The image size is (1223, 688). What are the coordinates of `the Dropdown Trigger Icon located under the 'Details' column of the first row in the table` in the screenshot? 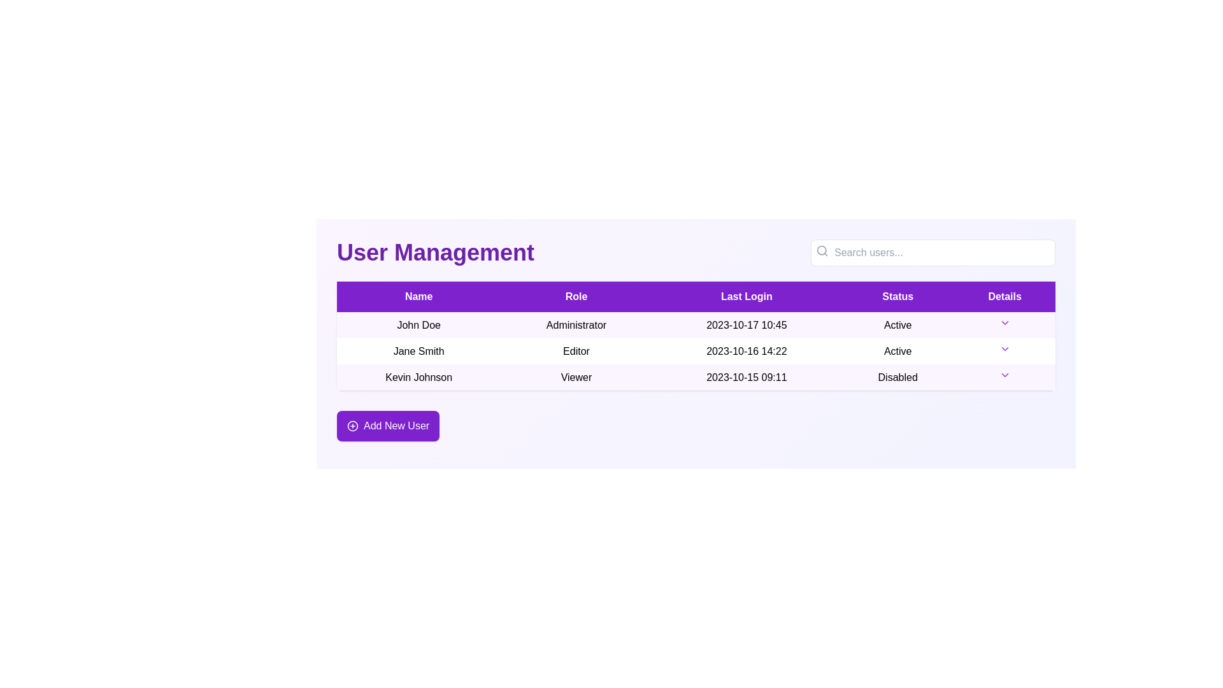 It's located at (1004, 322).